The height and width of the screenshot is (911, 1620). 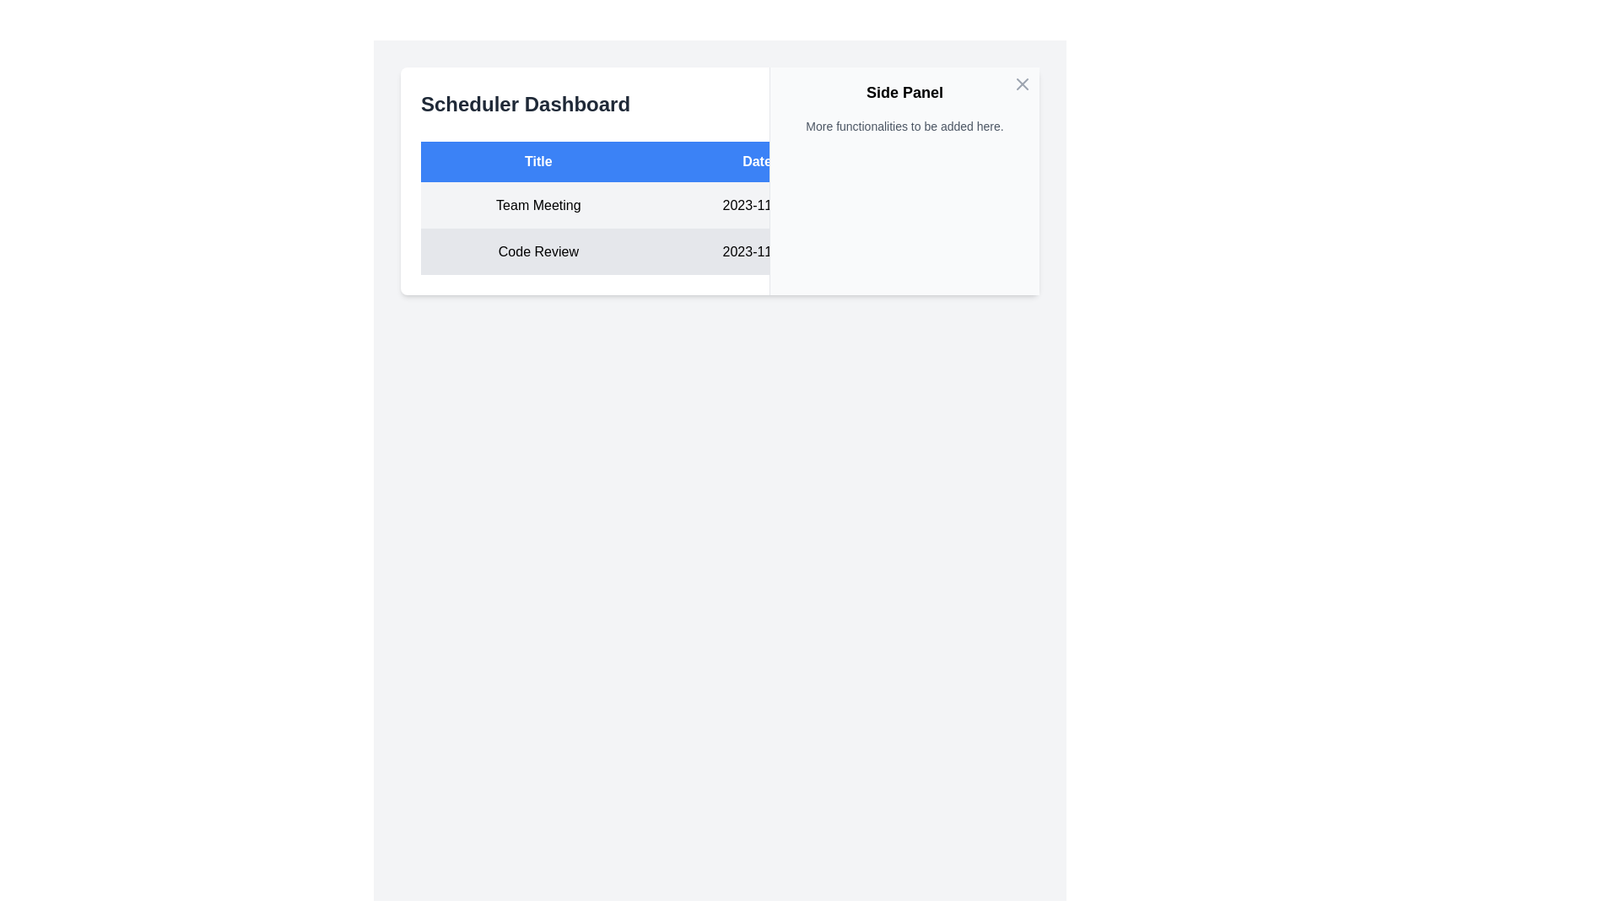 What do you see at coordinates (720, 207) in the screenshot?
I see `interactive elements within the rows of the schedule table displayed in the 'Scheduler Dashboard'` at bounding box center [720, 207].